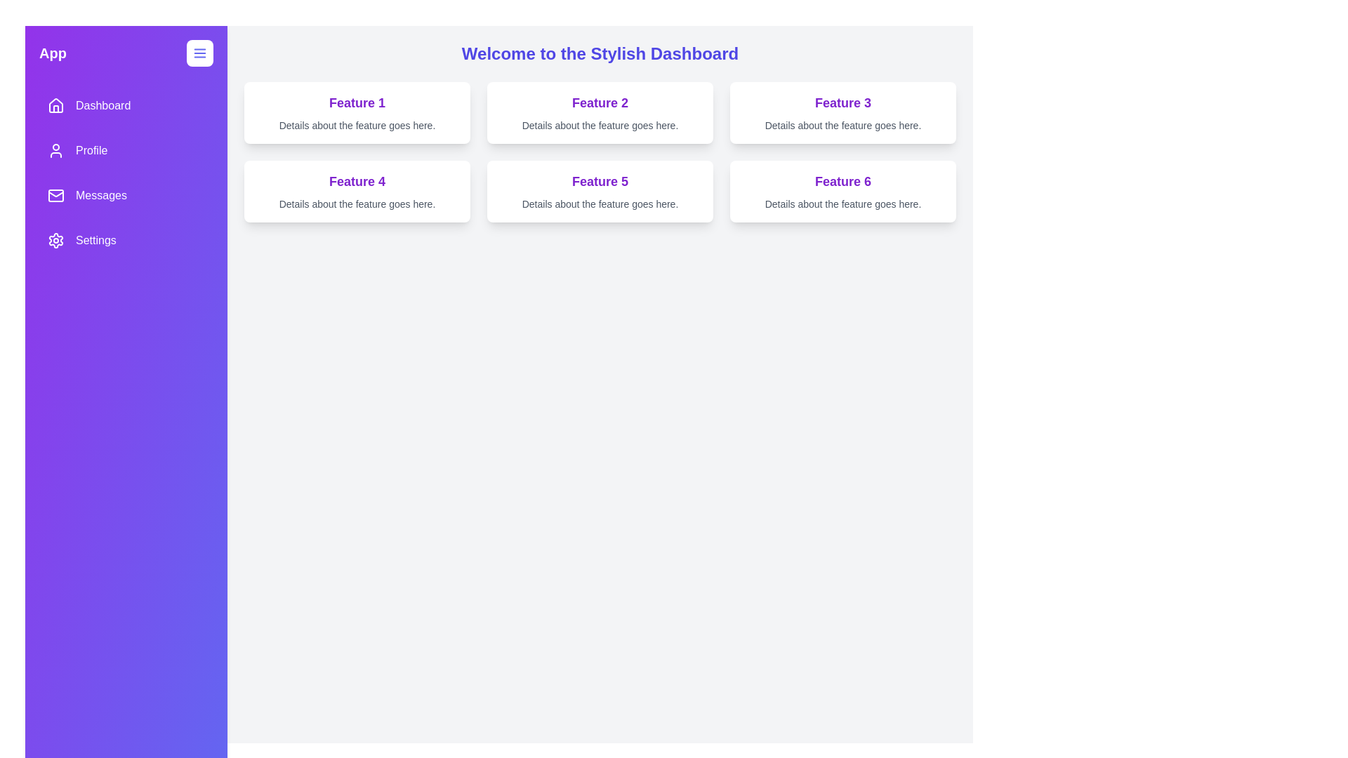  What do you see at coordinates (91, 151) in the screenshot?
I see `the 'Profile' text label in the navigation menu` at bounding box center [91, 151].